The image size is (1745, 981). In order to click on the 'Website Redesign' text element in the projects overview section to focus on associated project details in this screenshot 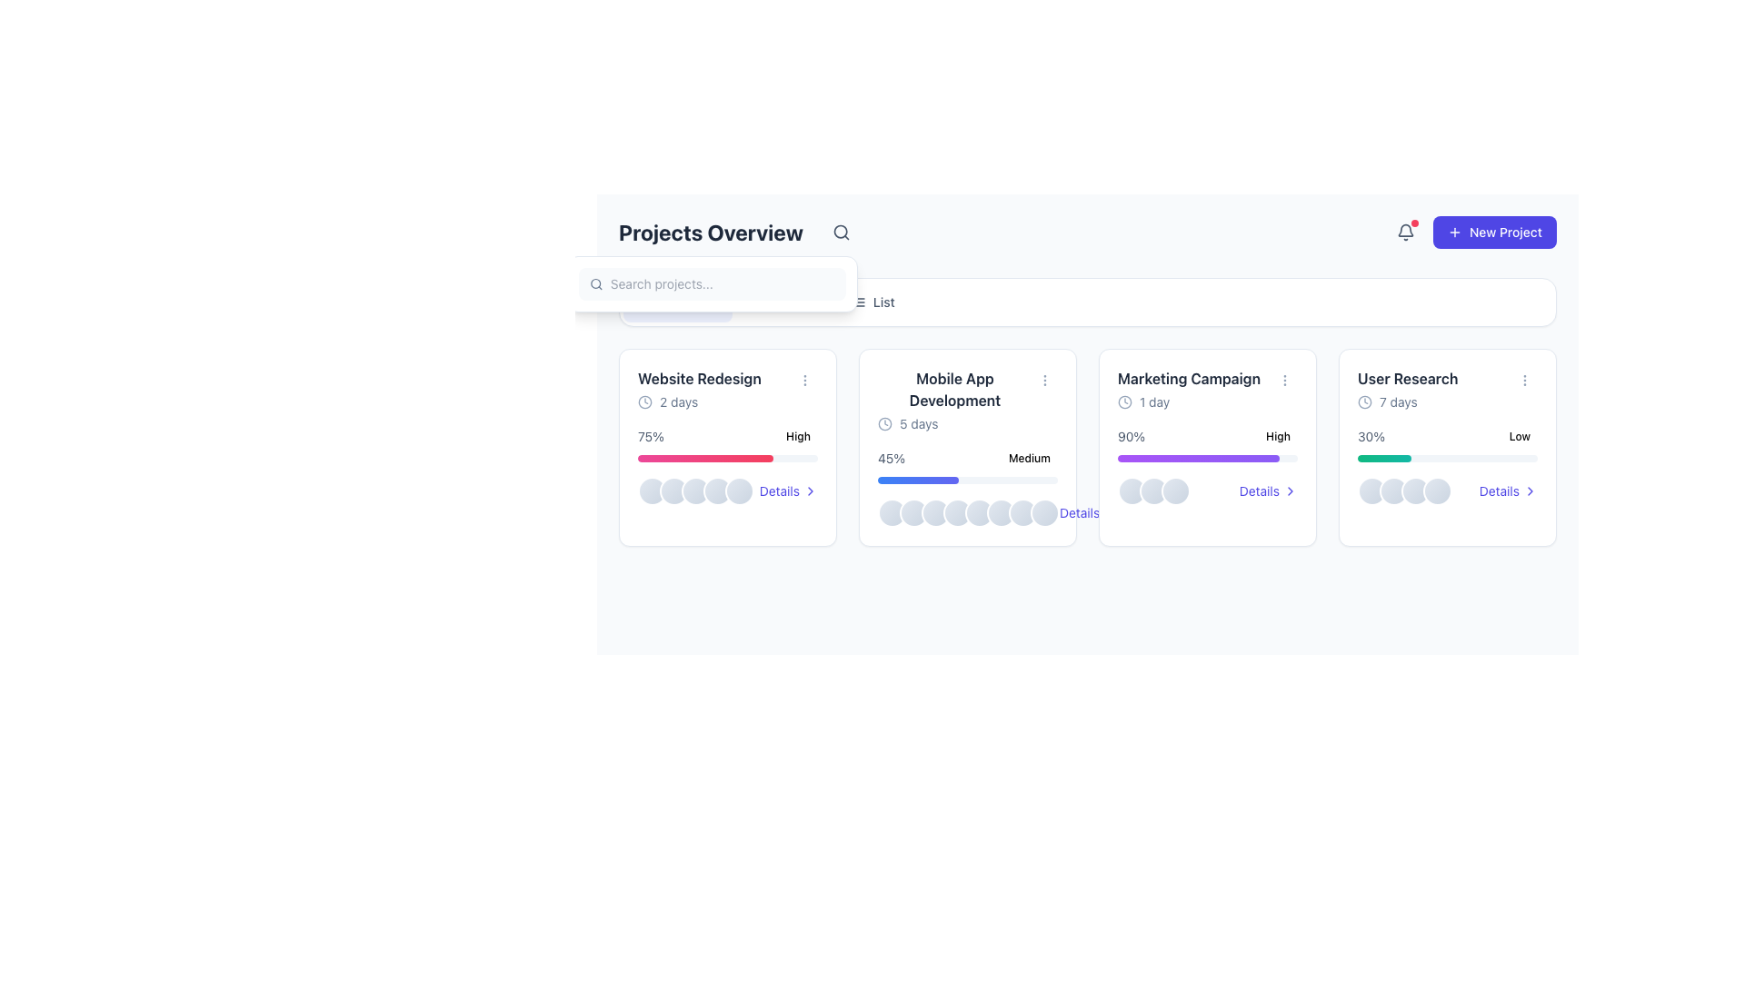, I will do `click(728, 388)`.